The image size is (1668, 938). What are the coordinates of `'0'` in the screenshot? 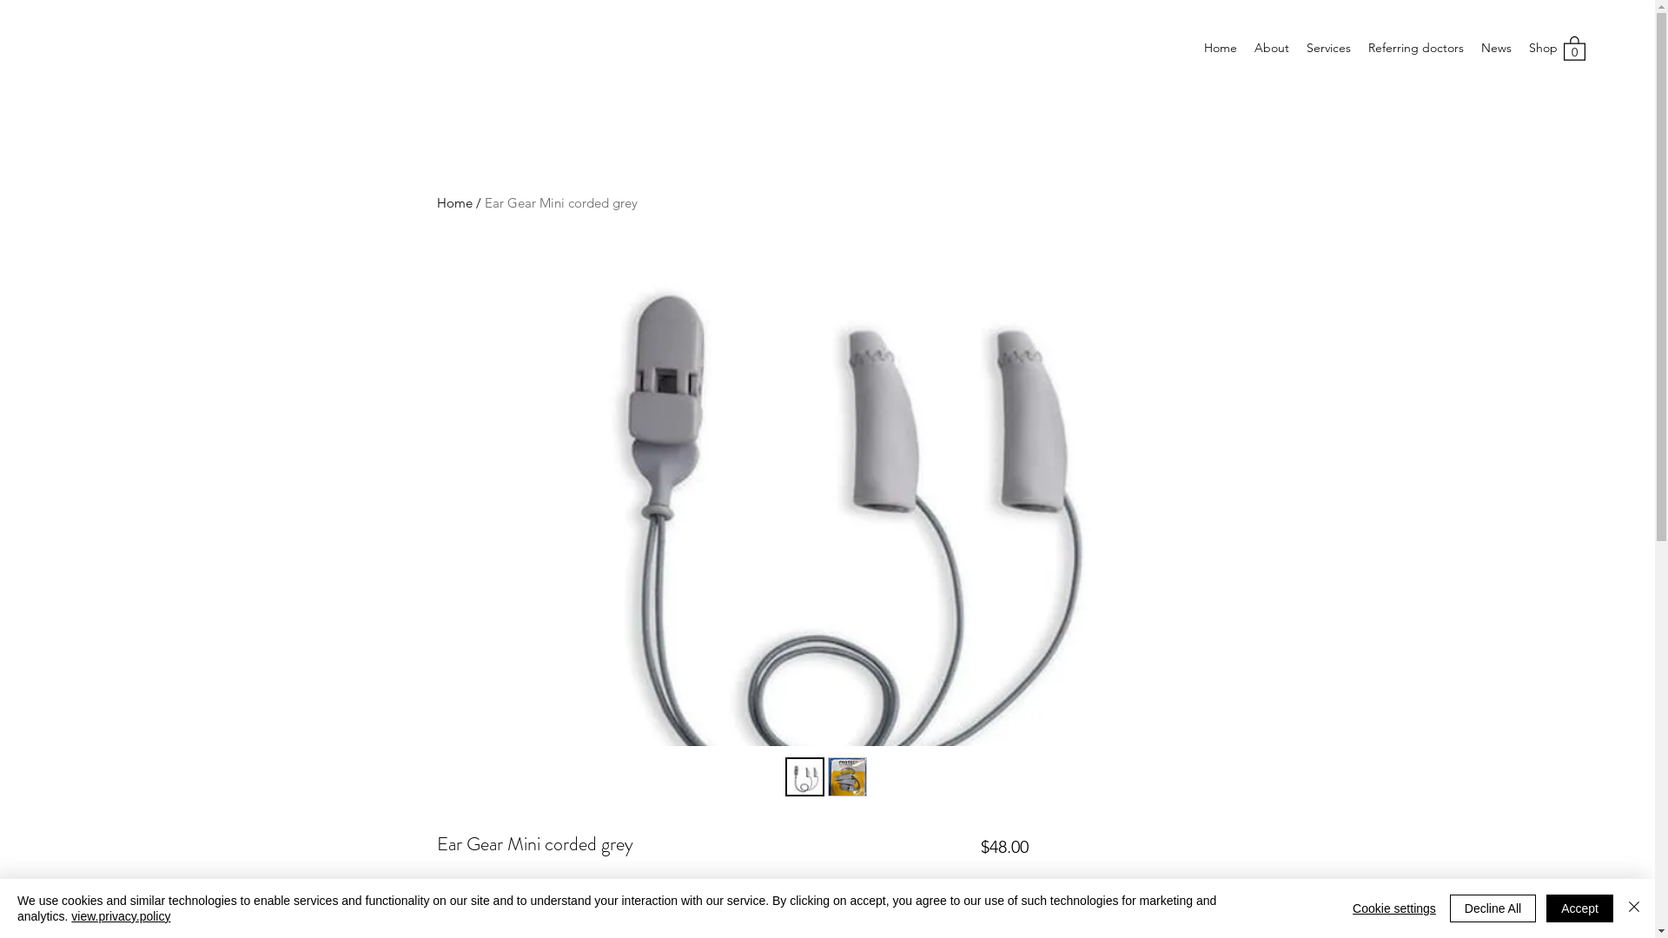 It's located at (1564, 46).